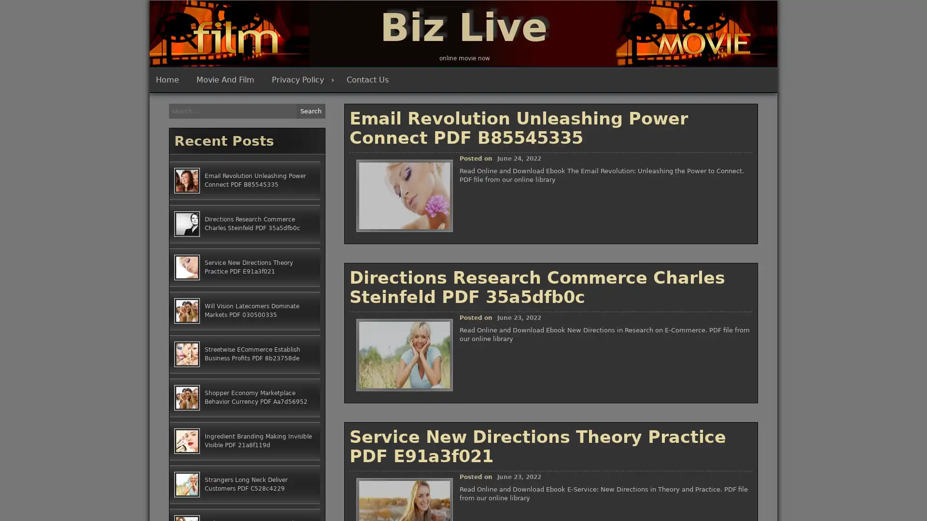 The height and width of the screenshot is (521, 927). What do you see at coordinates (310, 110) in the screenshot?
I see `Search` at bounding box center [310, 110].